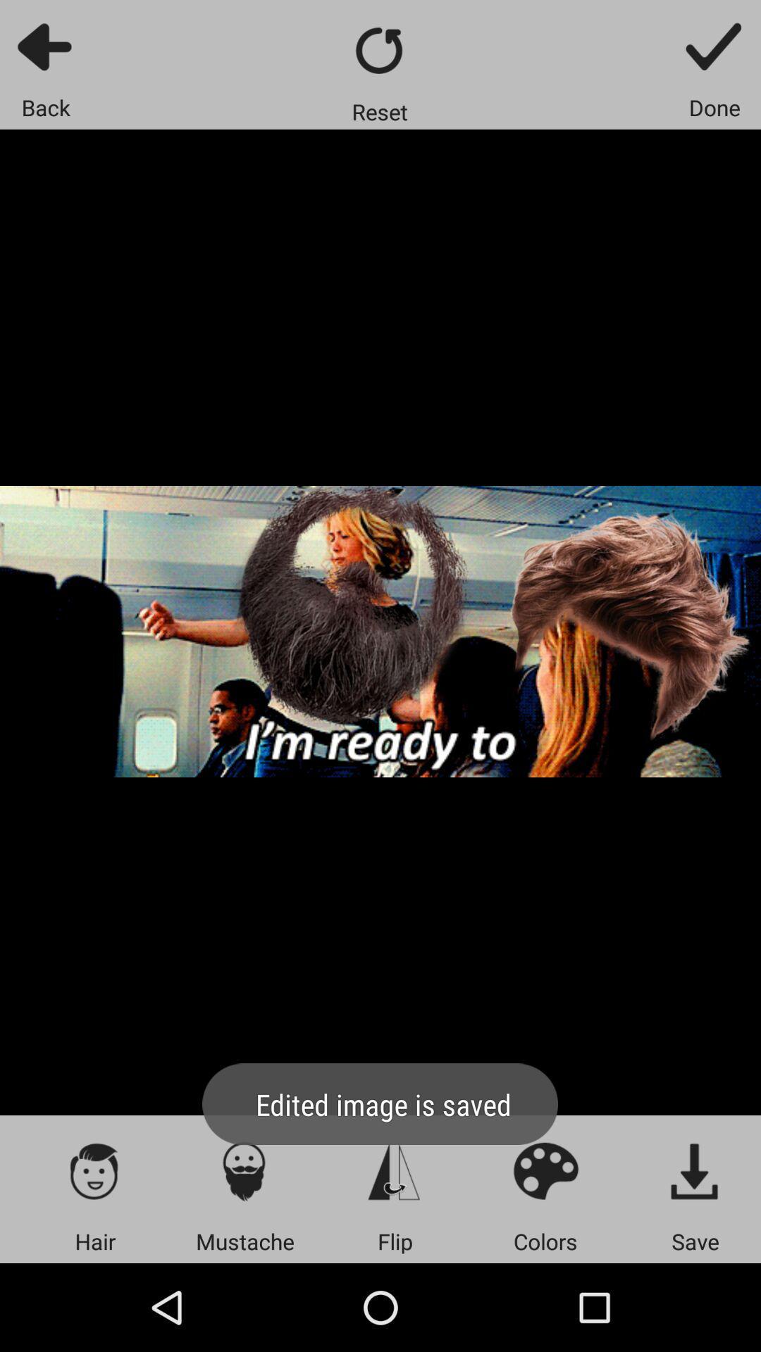 Image resolution: width=761 pixels, height=1352 pixels. Describe the element at coordinates (395, 1170) in the screenshot. I see `the font icon` at that location.